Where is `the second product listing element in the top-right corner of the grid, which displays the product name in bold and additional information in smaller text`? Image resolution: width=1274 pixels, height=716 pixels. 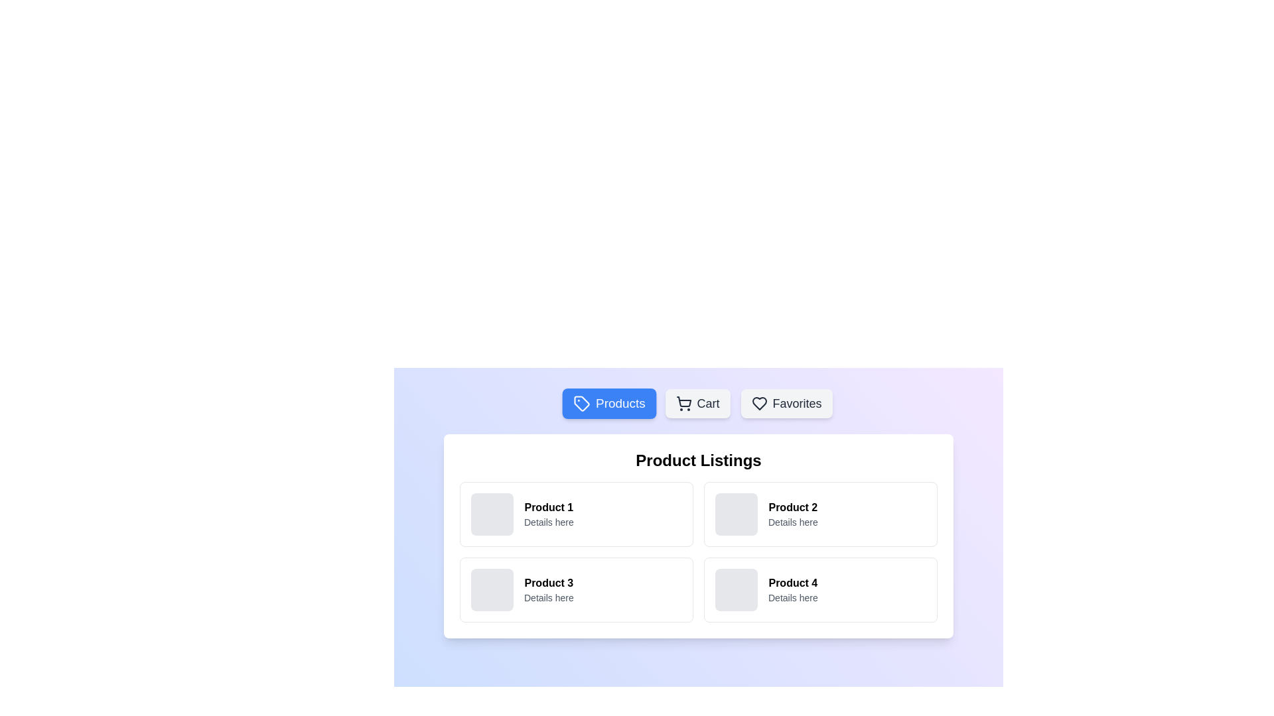
the second product listing element in the top-right corner of the grid, which displays the product name in bold and additional information in smaller text is located at coordinates (793, 513).